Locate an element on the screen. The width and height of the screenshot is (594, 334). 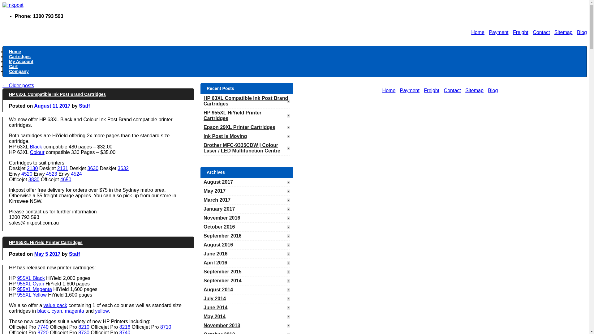
'955XL Cyan' is located at coordinates (30, 284).